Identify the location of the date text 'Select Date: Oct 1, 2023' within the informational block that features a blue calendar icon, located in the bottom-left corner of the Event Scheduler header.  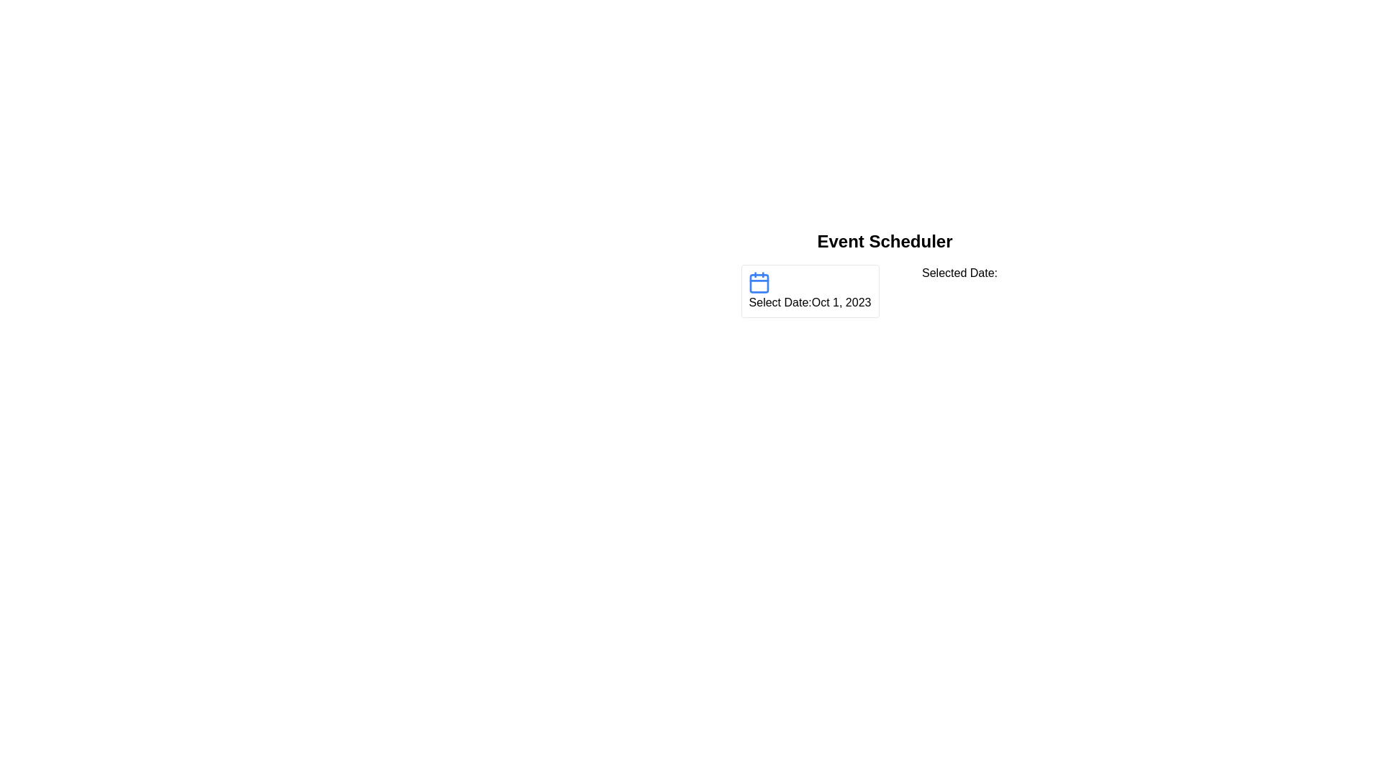
(810, 291).